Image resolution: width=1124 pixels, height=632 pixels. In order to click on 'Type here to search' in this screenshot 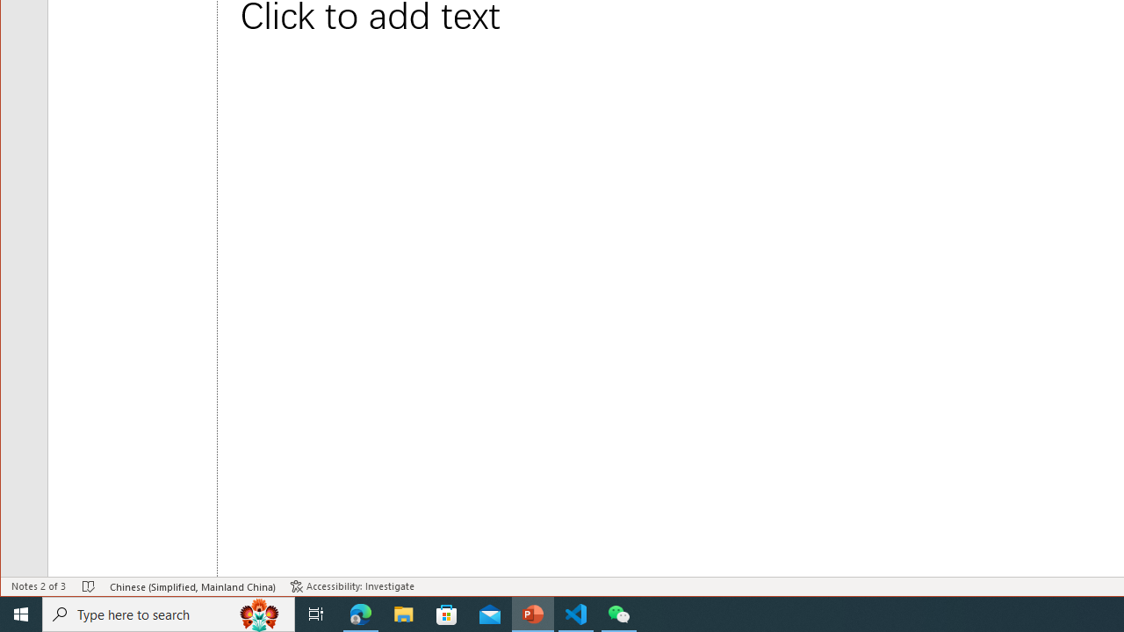, I will do `click(169, 613)`.